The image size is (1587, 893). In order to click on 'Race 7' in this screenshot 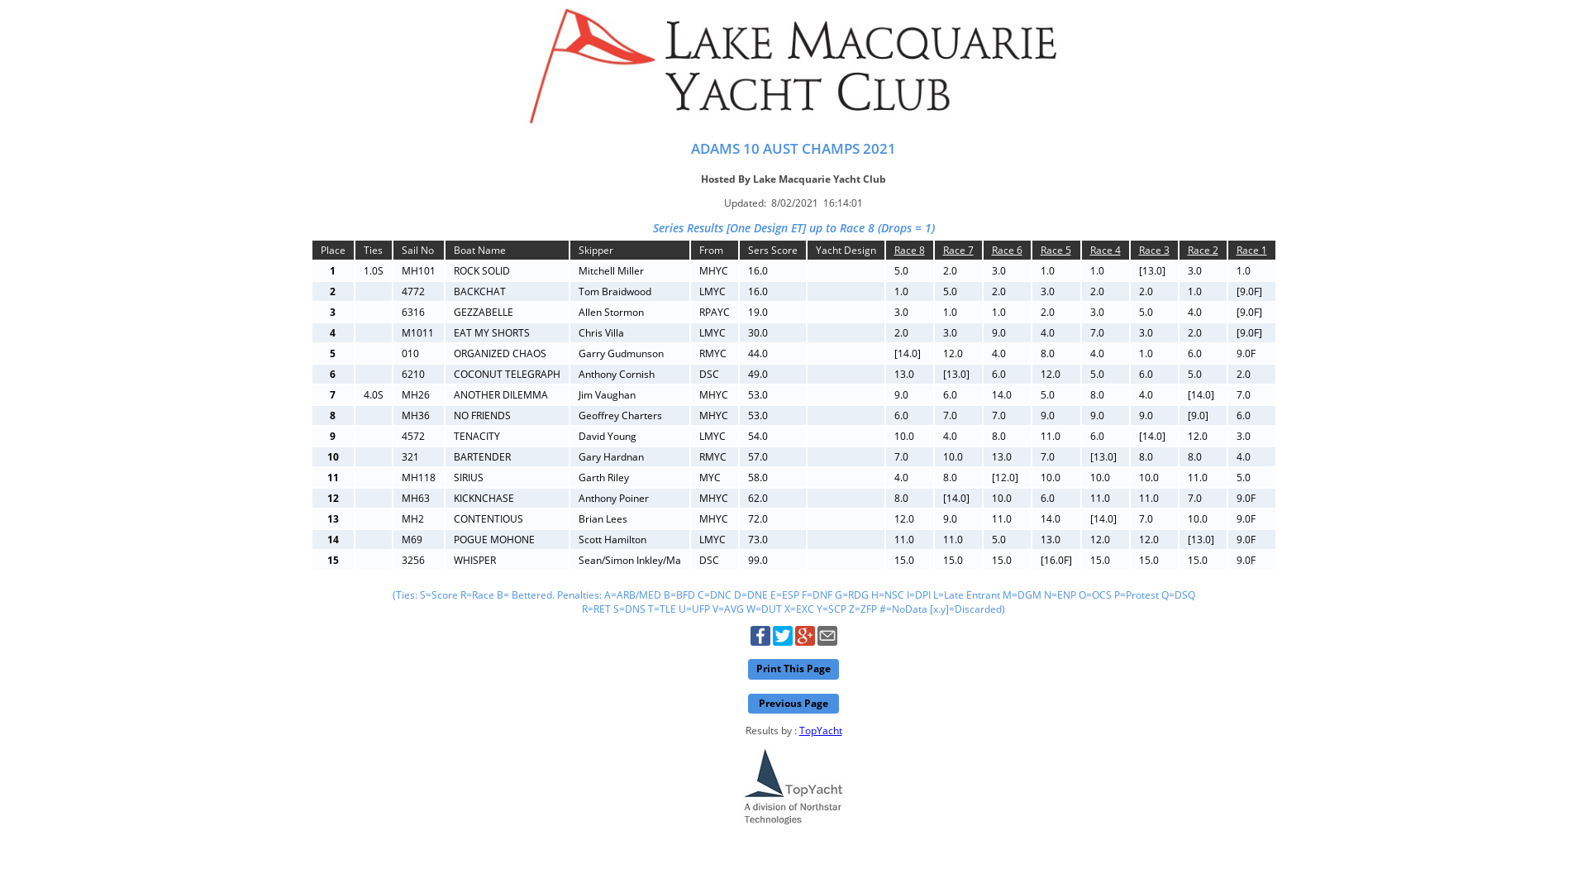, I will do `click(957, 250)`.